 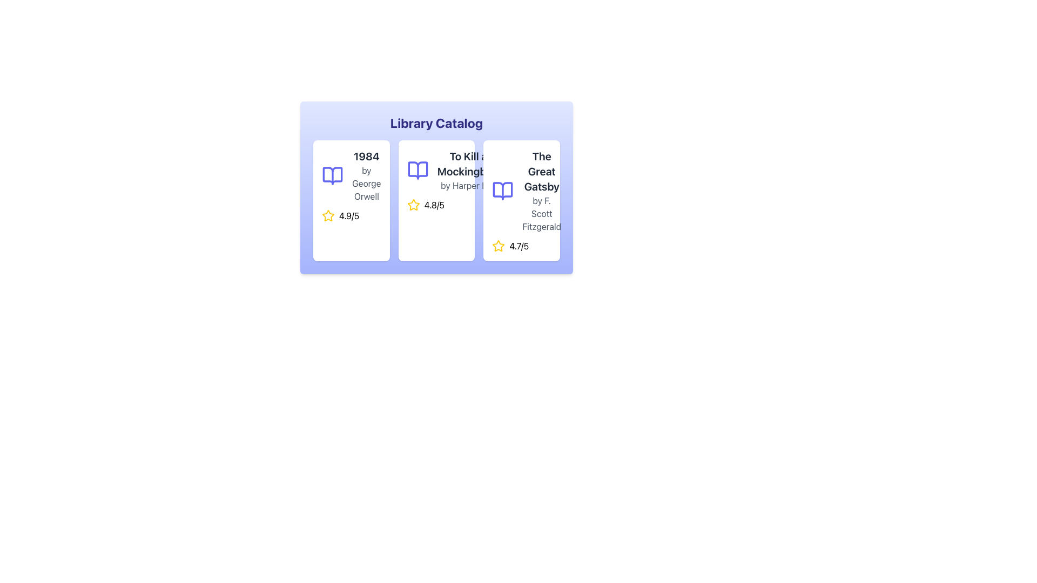 What do you see at coordinates (522, 246) in the screenshot?
I see `rating displayed as '4.7/5' next to the yellow star icon in the rating display of the last card for 'The Great Gatsby' by F. Scott Fitzgerald` at bounding box center [522, 246].